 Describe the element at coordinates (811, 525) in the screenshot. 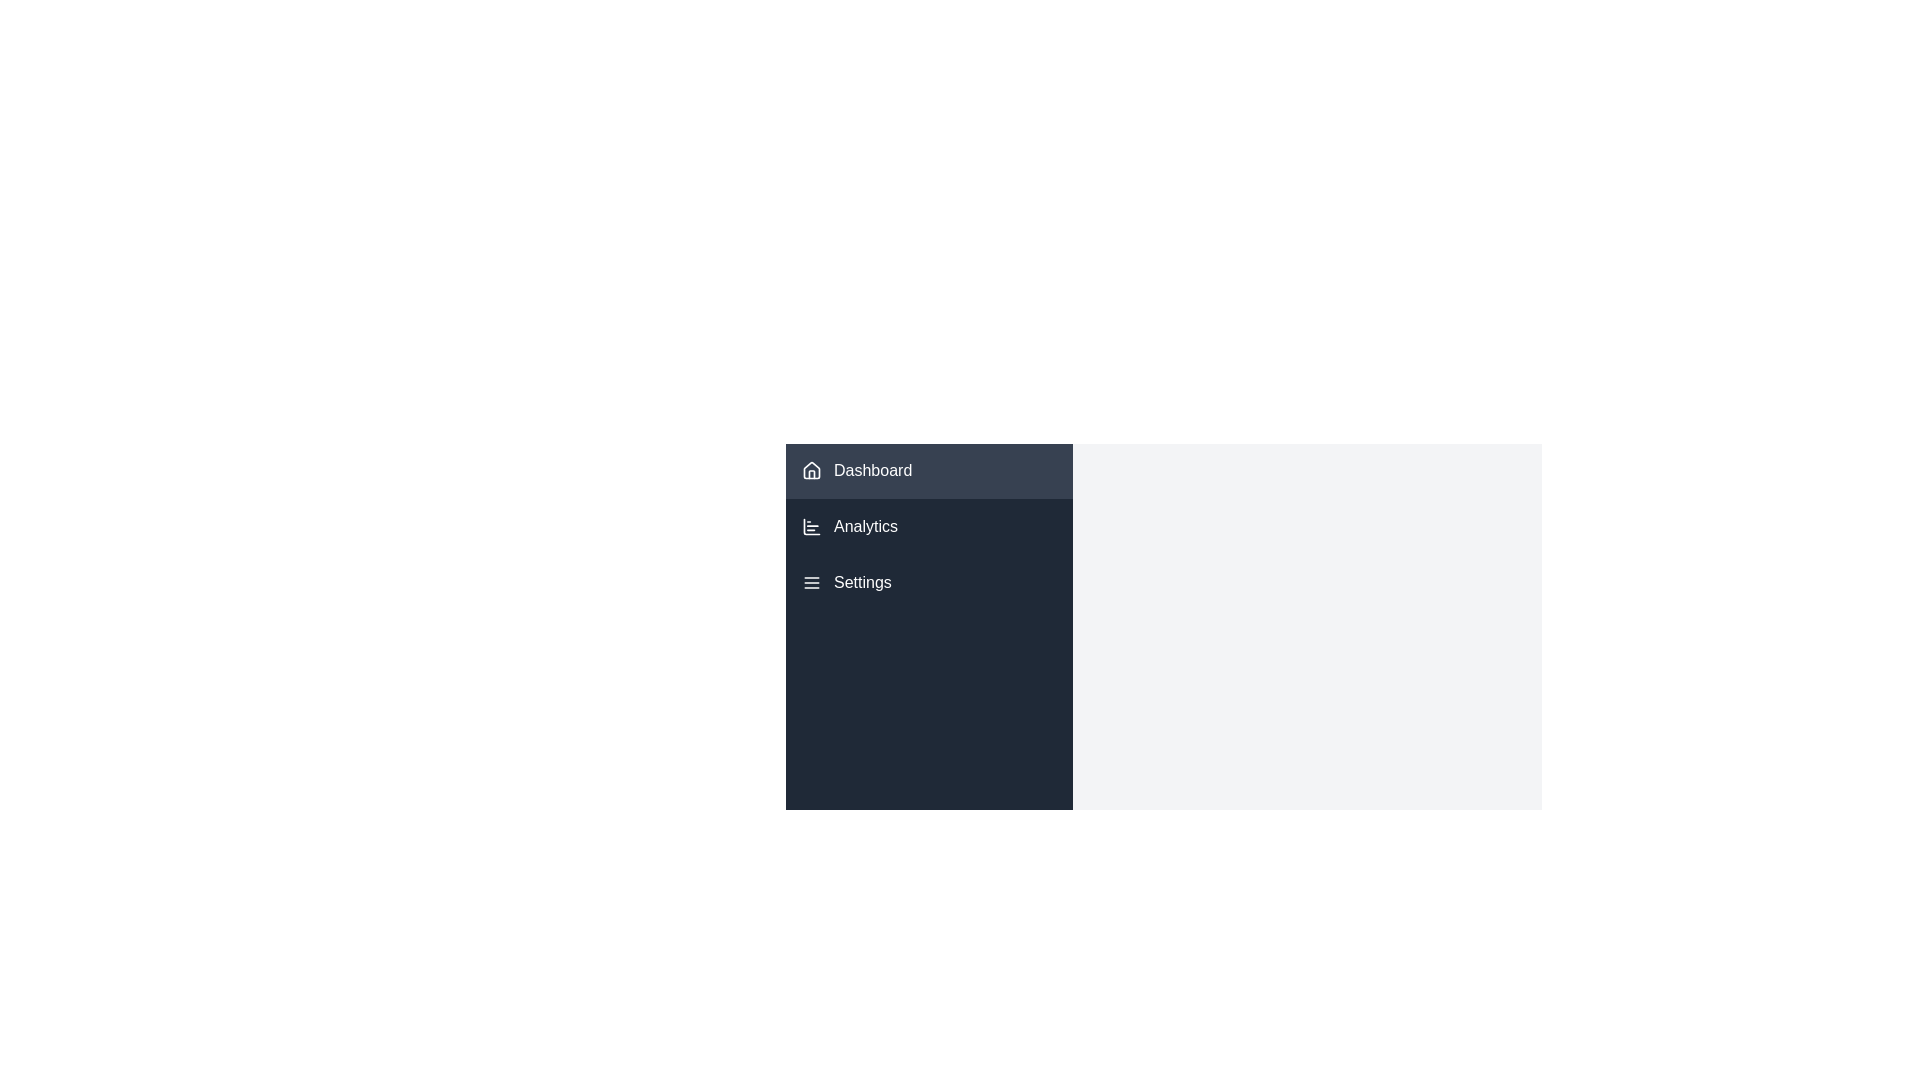

I see `the compact bar chart icon with white lines on a dark gray circular background, located to the left of the 'Analytics' label` at that location.